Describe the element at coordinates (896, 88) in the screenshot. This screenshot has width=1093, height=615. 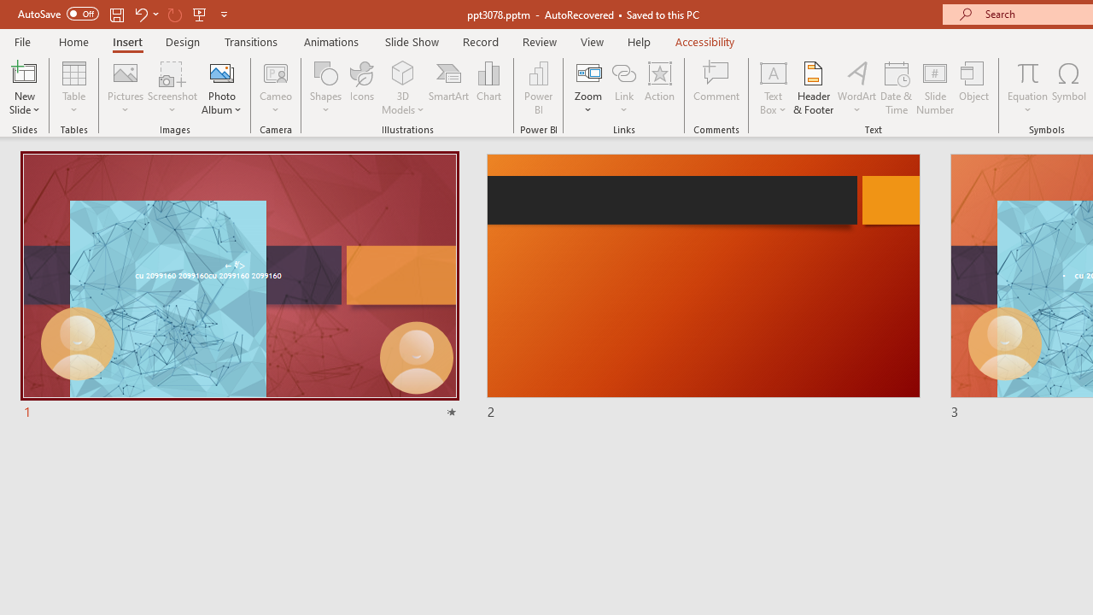
I see `'Date & Time...'` at that location.